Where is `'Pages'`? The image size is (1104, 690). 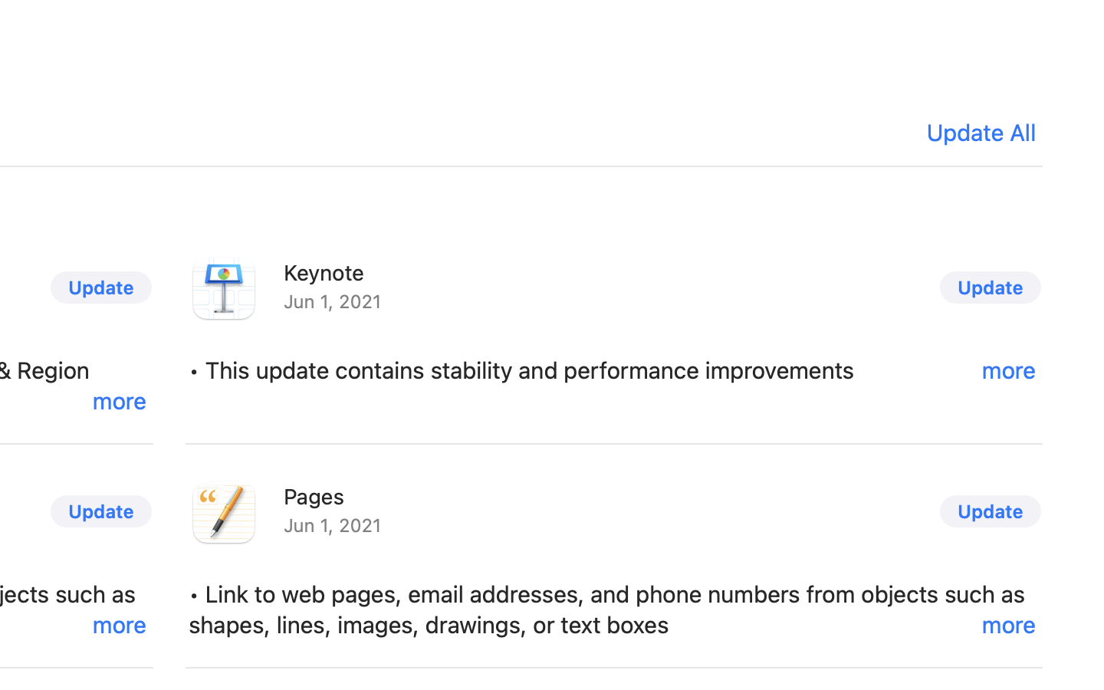 'Pages' is located at coordinates (313, 496).